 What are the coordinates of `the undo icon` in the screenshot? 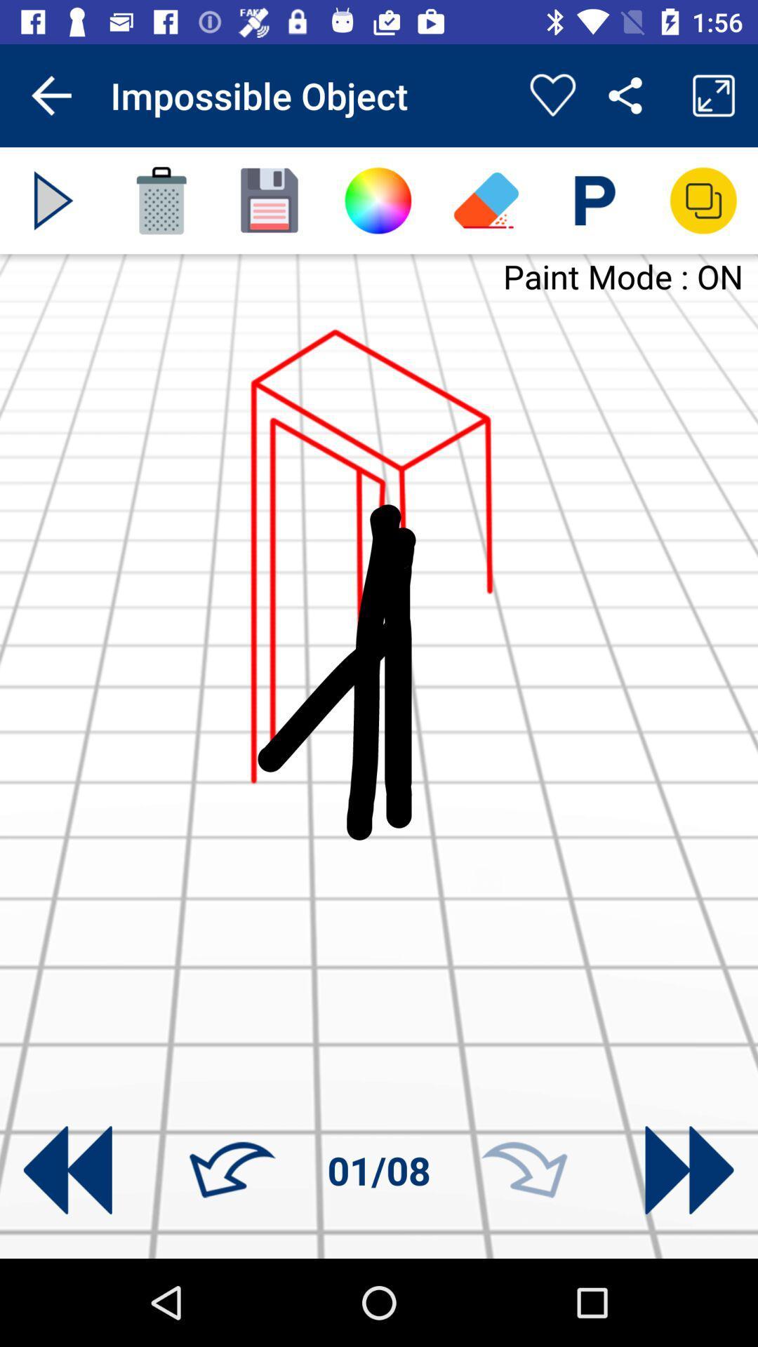 It's located at (232, 1170).